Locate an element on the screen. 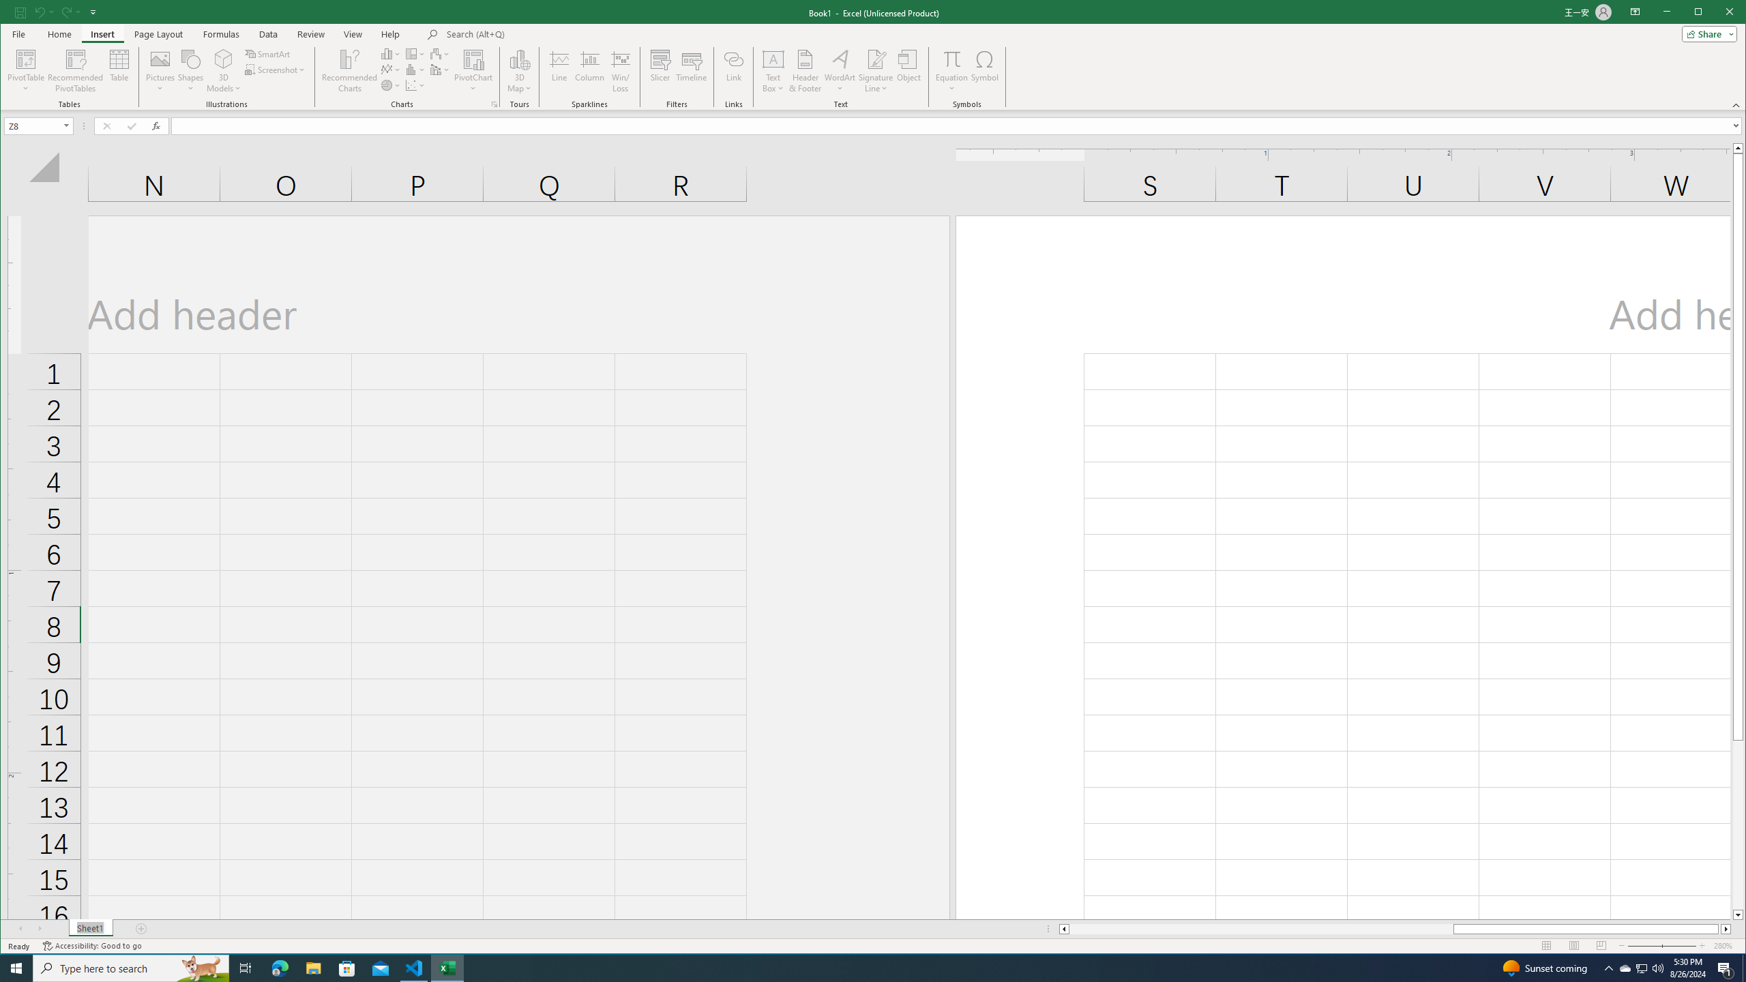 The image size is (1746, 982). 'PivotChart' is located at coordinates (472, 58).